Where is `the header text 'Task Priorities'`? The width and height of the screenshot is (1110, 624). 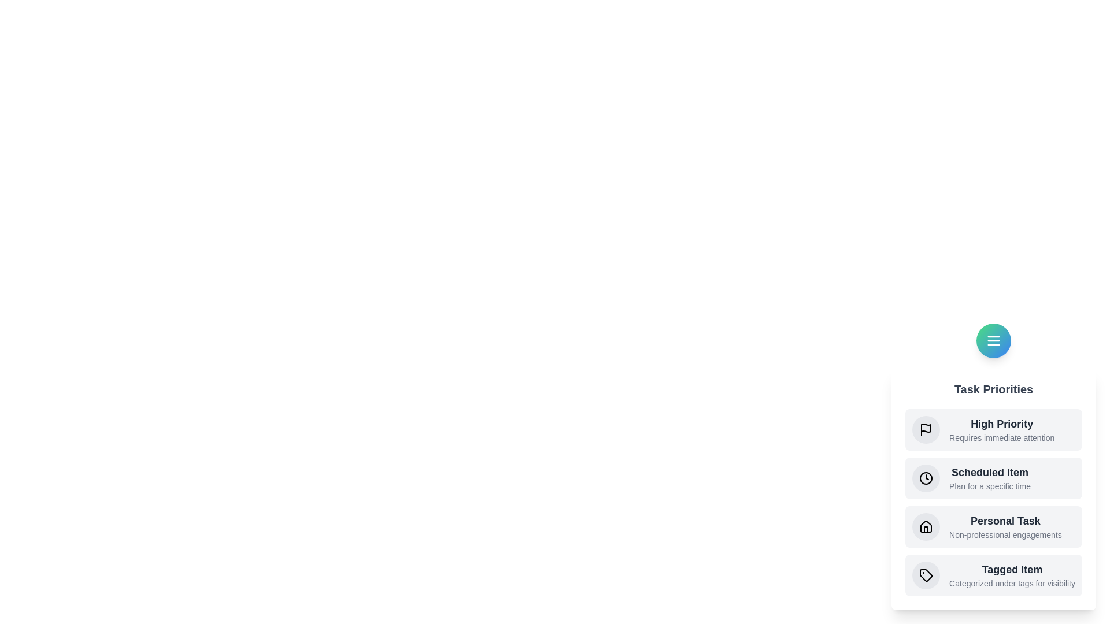
the header text 'Task Priorities' is located at coordinates (993, 389).